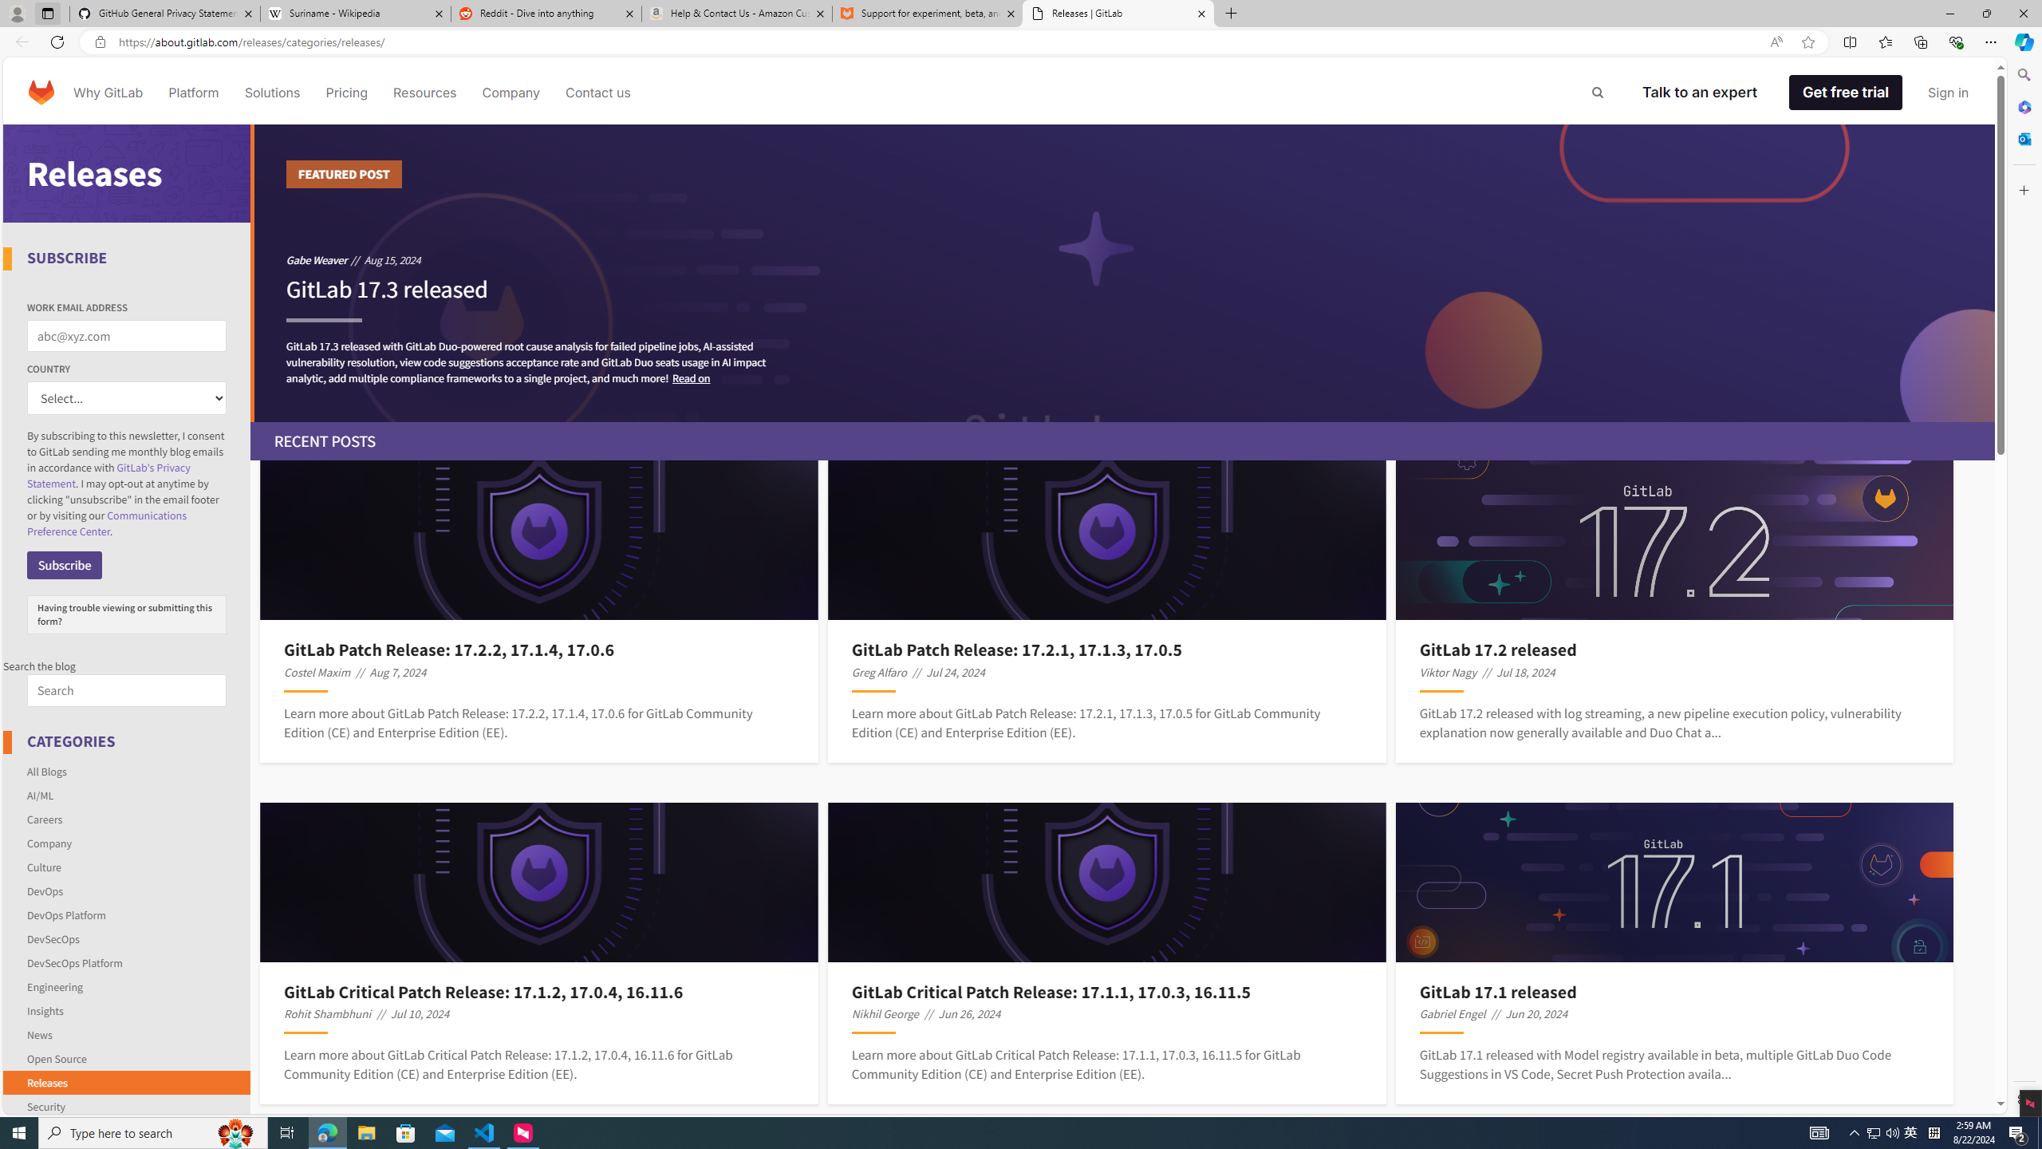  Describe the element at coordinates (45, 1081) in the screenshot. I see `'Releases'` at that location.